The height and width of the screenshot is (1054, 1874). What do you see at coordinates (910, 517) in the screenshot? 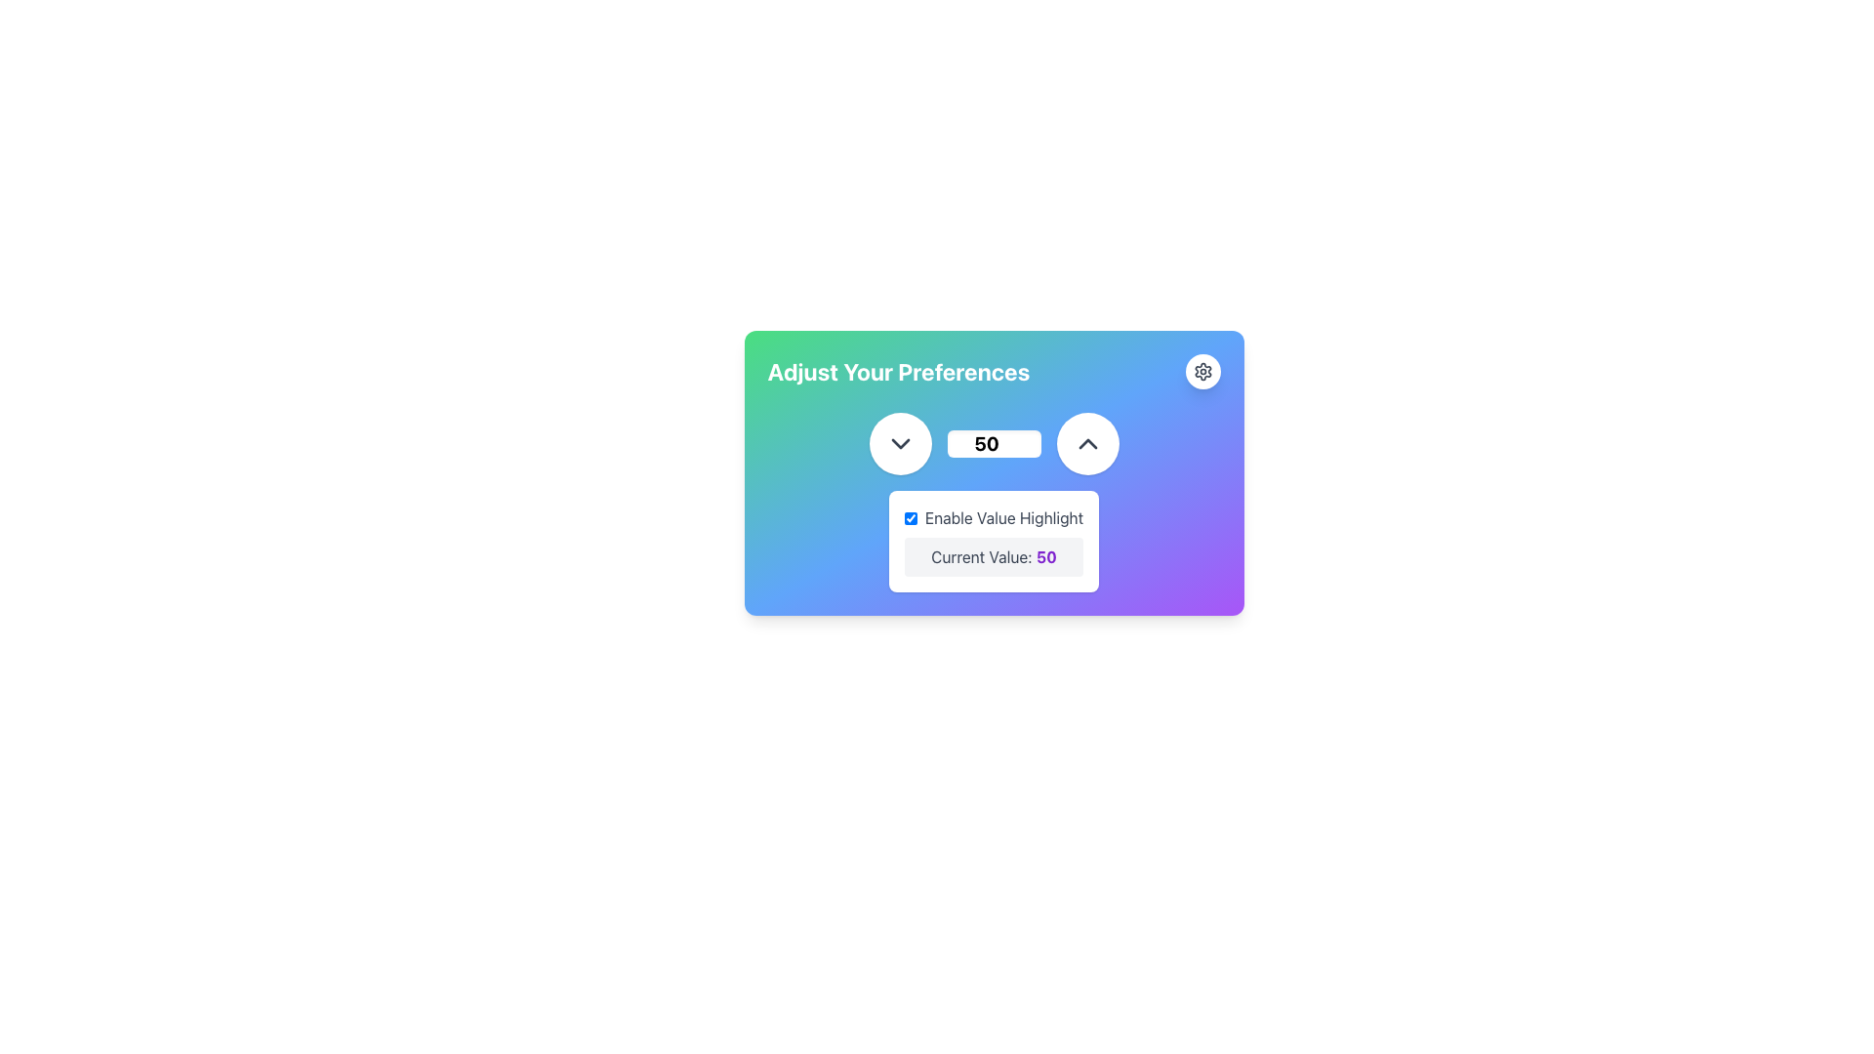
I see `the checkbox located in the bottom section of the interface, to the left of the 'Enable Value Highlight' label` at bounding box center [910, 517].